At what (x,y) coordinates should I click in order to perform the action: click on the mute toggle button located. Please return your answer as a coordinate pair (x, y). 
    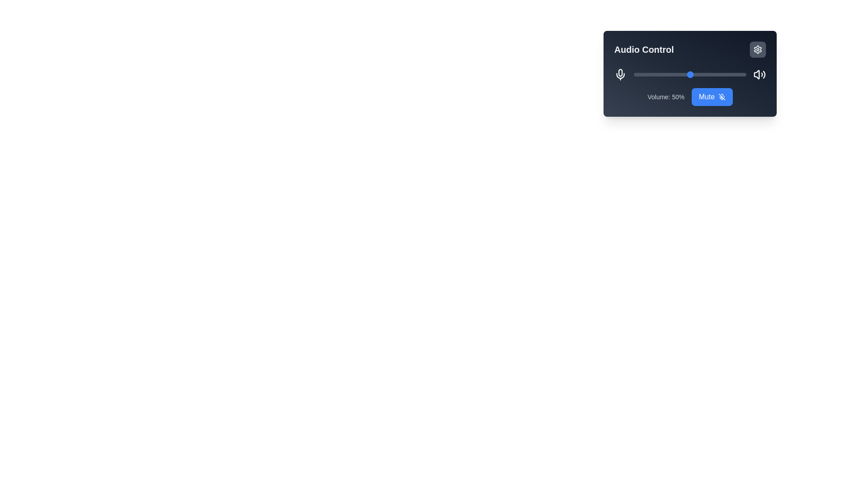
    Looking at the image, I should click on (711, 97).